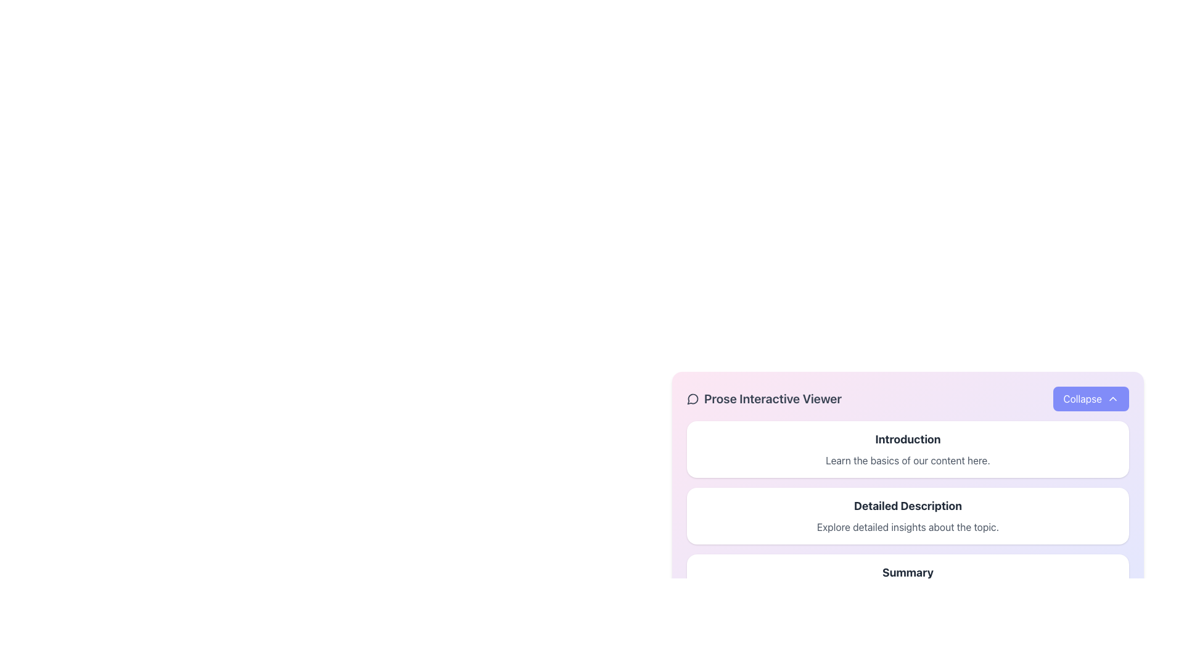  What do you see at coordinates (908, 461) in the screenshot?
I see `the text label that reads 'Learn the basics of our content here.', which is styled with a gray font color and located below the bolded header 'Introduction'` at bounding box center [908, 461].